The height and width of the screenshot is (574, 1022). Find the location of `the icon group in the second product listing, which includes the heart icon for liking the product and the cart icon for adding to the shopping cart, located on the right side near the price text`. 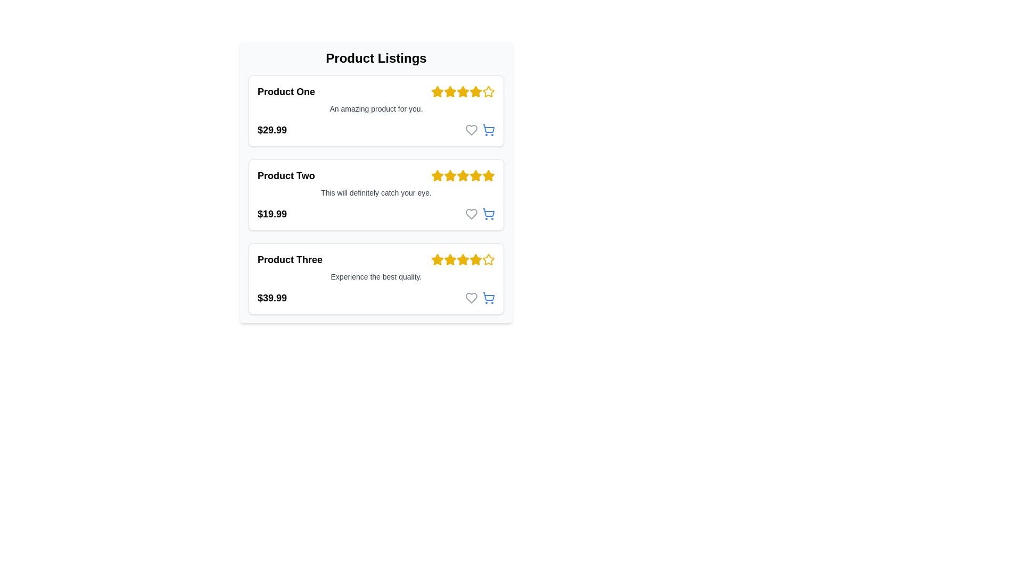

the icon group in the second product listing, which includes the heart icon for liking the product and the cart icon for adding to the shopping cart, located on the right side near the price text is located at coordinates (480, 214).